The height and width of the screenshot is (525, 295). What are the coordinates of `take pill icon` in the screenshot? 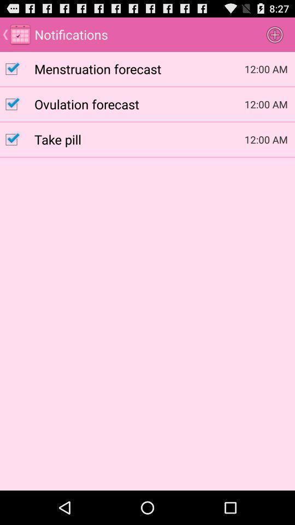 It's located at (139, 138).